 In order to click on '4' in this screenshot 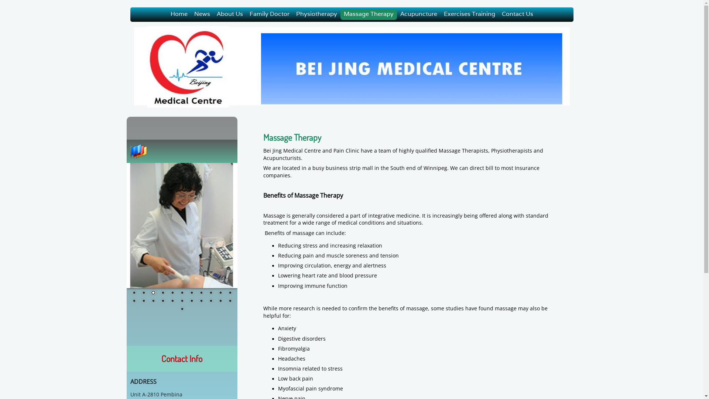, I will do `click(162, 293)`.